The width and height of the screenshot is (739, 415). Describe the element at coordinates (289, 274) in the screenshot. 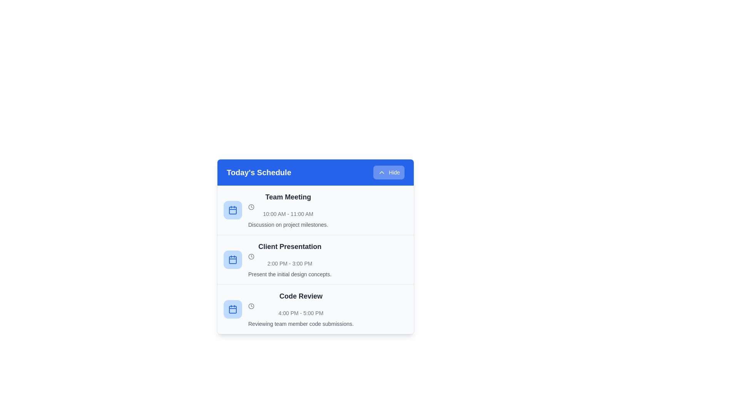

I see `the descriptive text element explaining the 'Client Presentation' meeting, which is located directly below the time range text '2:00 PM - 3:00 PM' within the card labeled 'Client Presentation'` at that location.